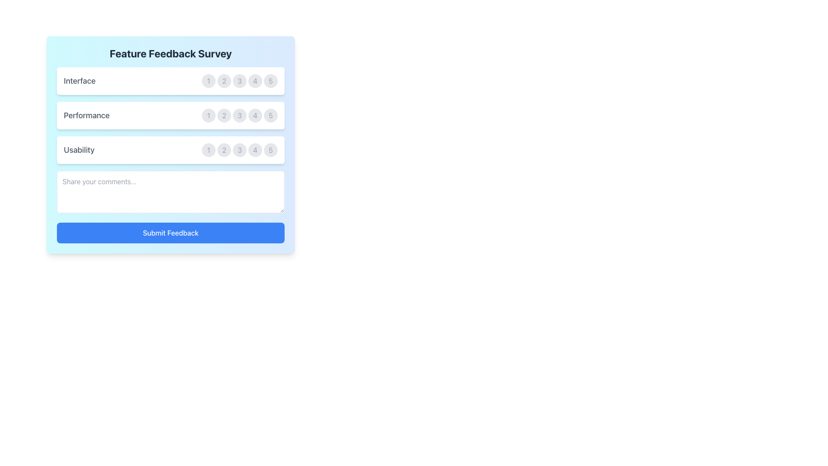 The image size is (828, 466). What do you see at coordinates (240, 149) in the screenshot?
I see `the third circular button (number 3) in the horizontal row under the 'Usability' heading within the survey card` at bounding box center [240, 149].